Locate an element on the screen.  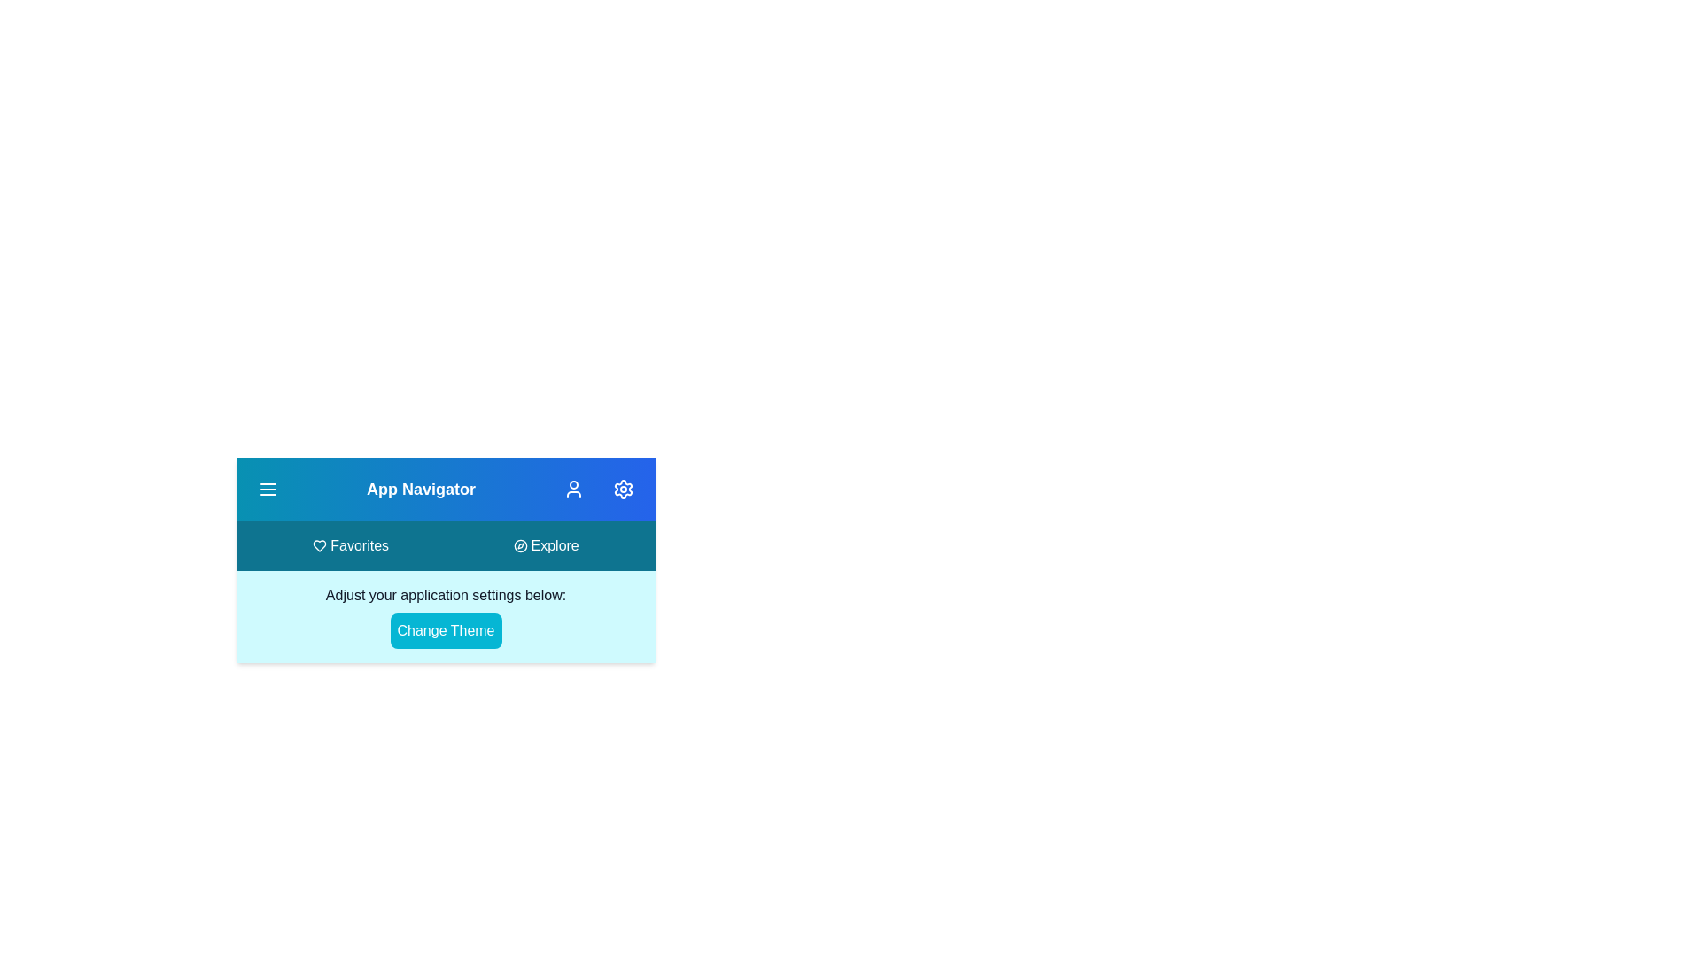
the circular compass icon located to the left of the 'Explore' text label is located at coordinates (519, 545).